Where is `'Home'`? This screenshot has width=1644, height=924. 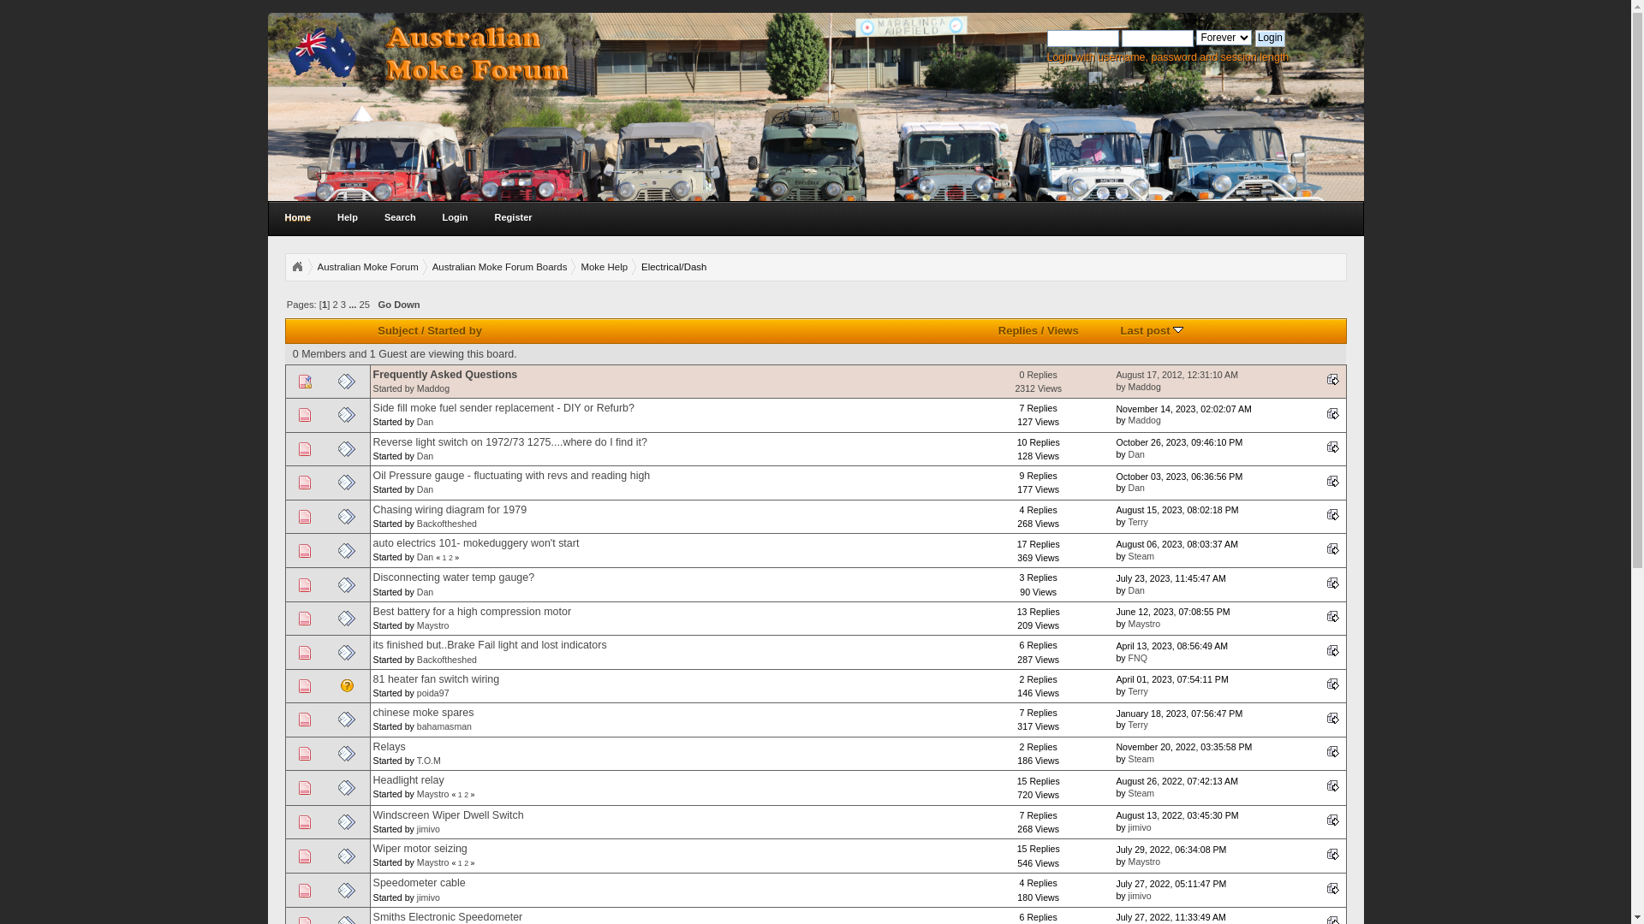 'Home' is located at coordinates (297, 216).